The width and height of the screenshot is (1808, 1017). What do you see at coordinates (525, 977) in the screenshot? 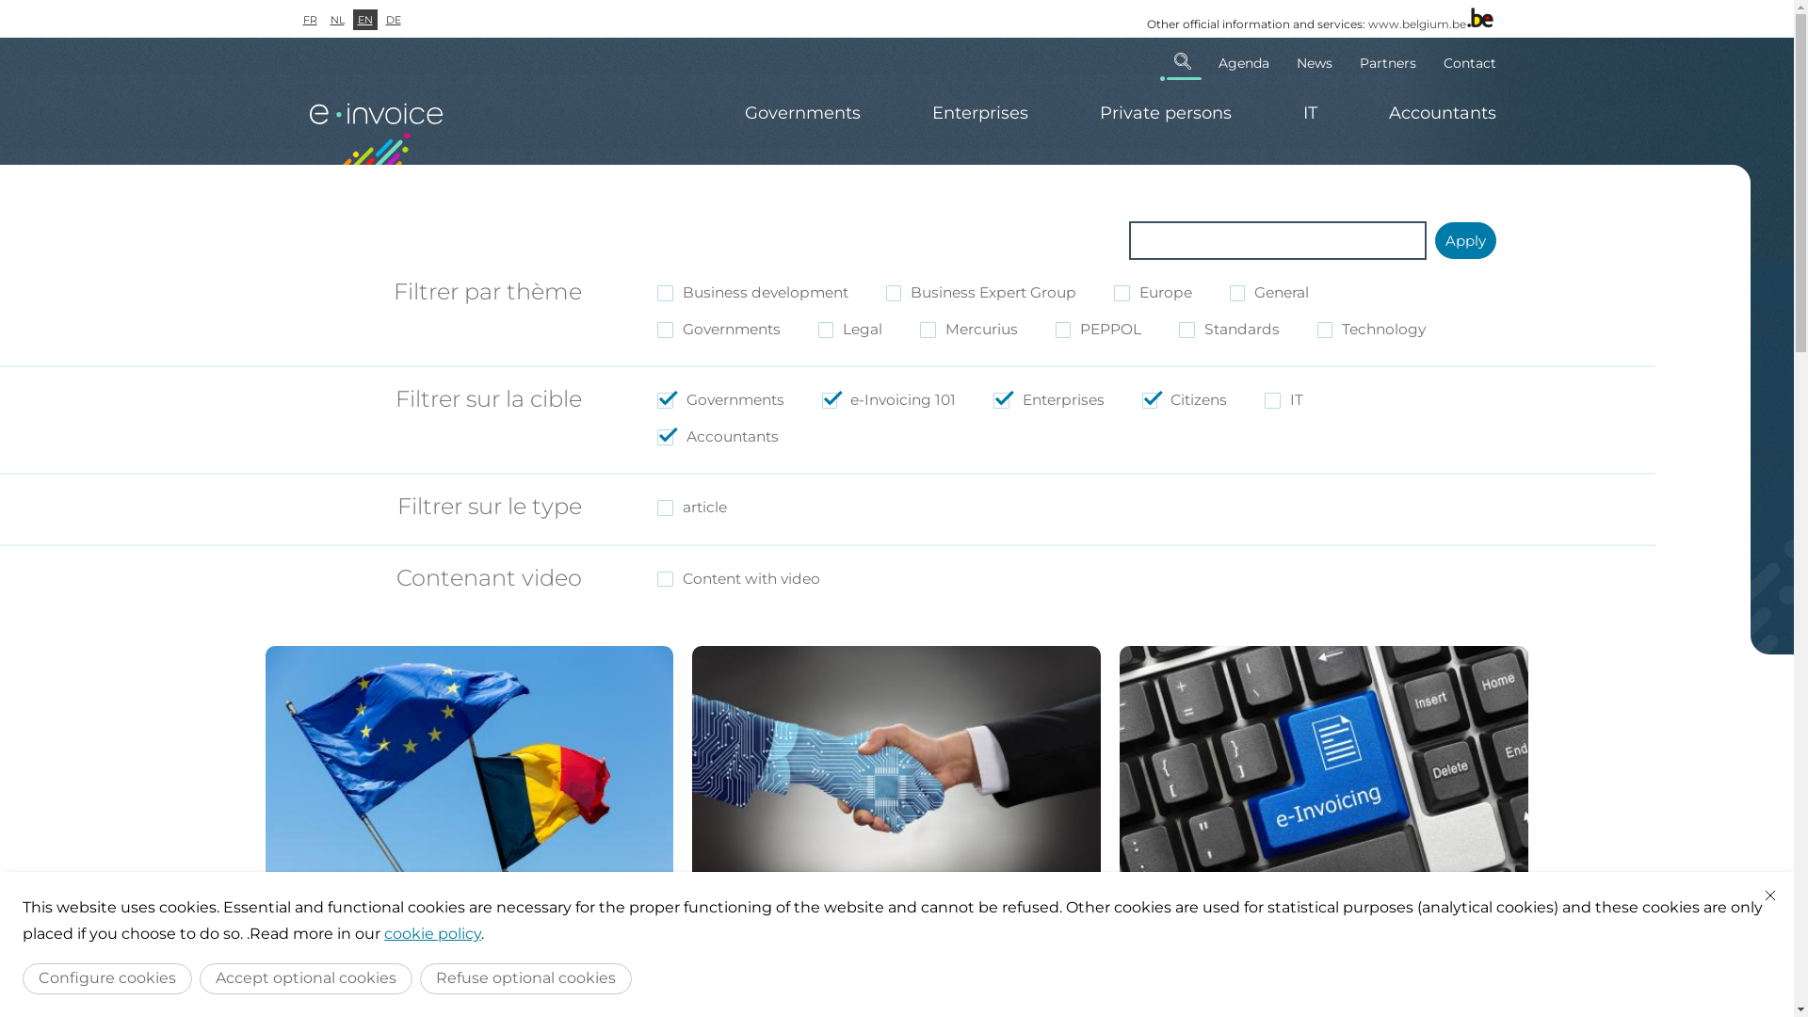
I see `'Refuse optional cookies'` at bounding box center [525, 977].